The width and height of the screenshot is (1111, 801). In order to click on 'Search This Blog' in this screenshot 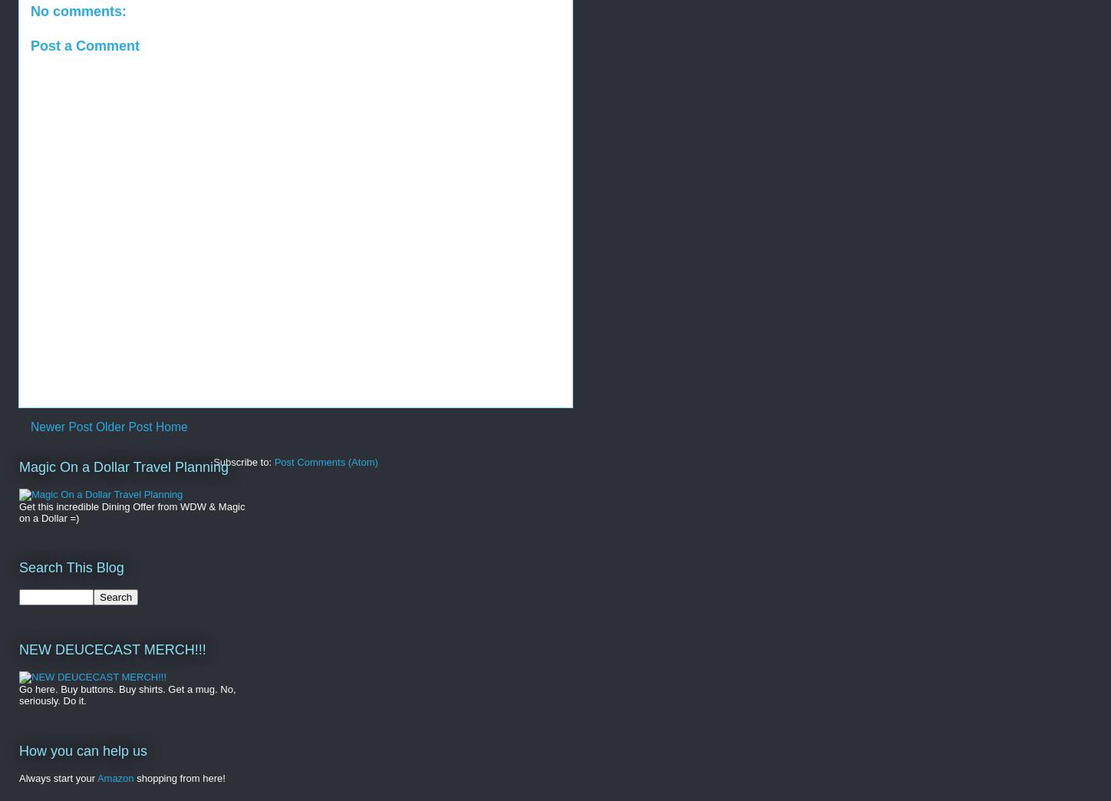, I will do `click(70, 567)`.